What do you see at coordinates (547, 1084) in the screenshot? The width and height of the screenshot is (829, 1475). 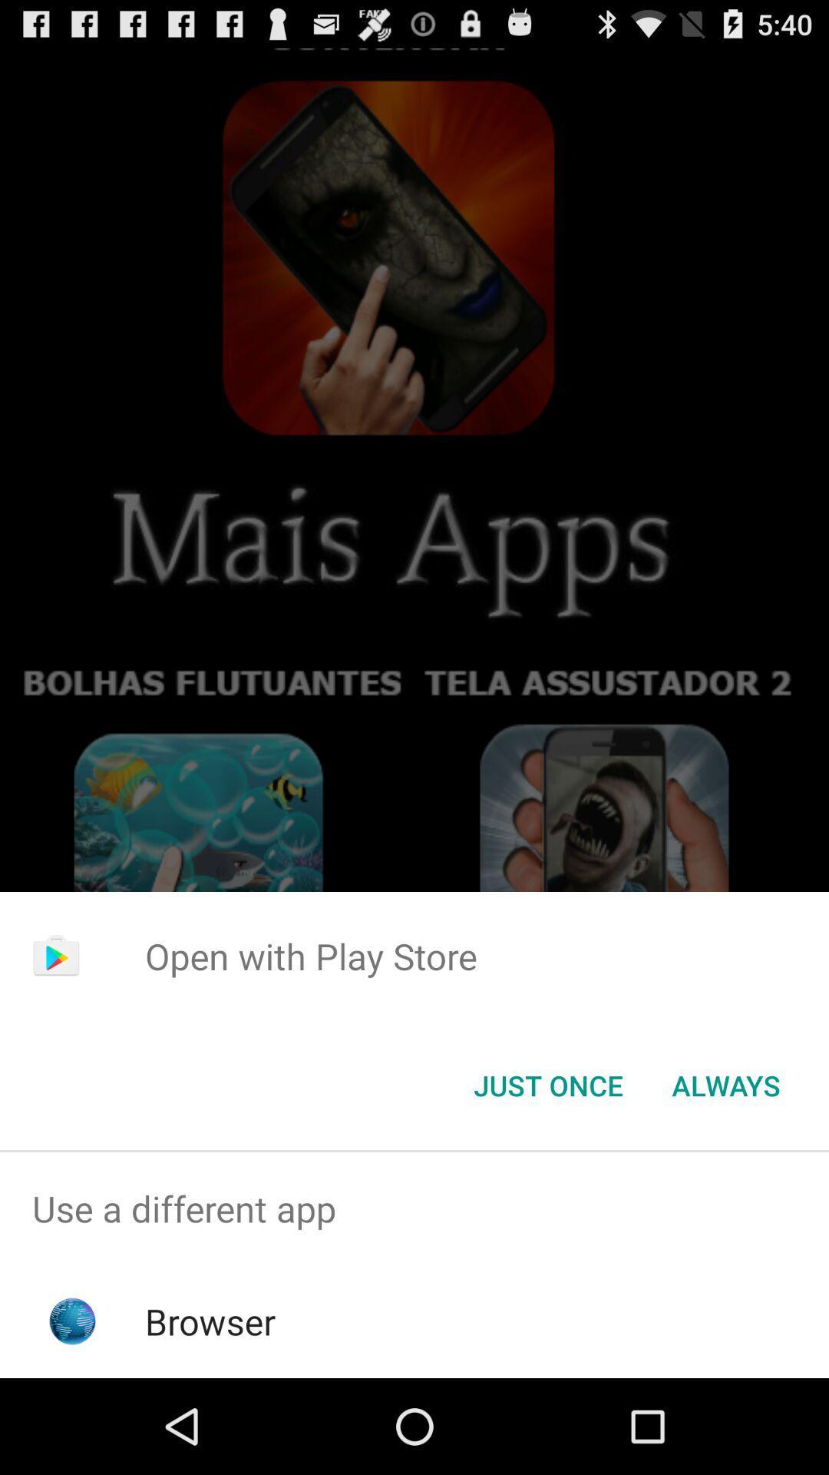 I see `the icon to the left of the always button` at bounding box center [547, 1084].